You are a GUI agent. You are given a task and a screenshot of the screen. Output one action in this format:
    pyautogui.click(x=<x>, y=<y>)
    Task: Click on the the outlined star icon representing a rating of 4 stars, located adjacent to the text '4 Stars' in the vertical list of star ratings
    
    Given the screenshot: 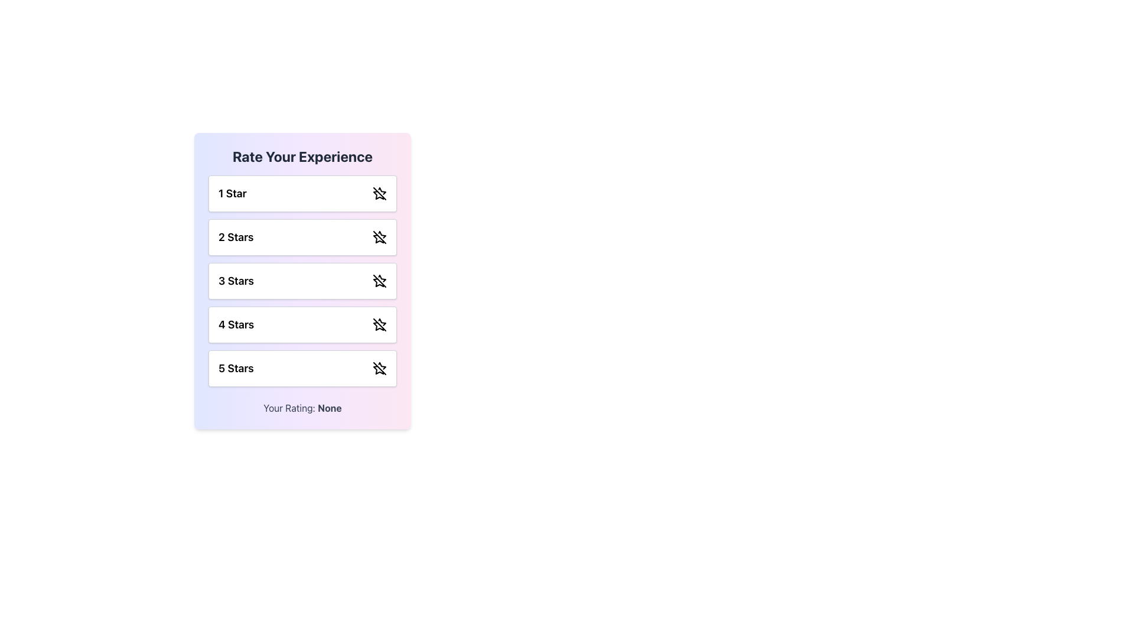 What is the action you would take?
    pyautogui.click(x=380, y=325)
    